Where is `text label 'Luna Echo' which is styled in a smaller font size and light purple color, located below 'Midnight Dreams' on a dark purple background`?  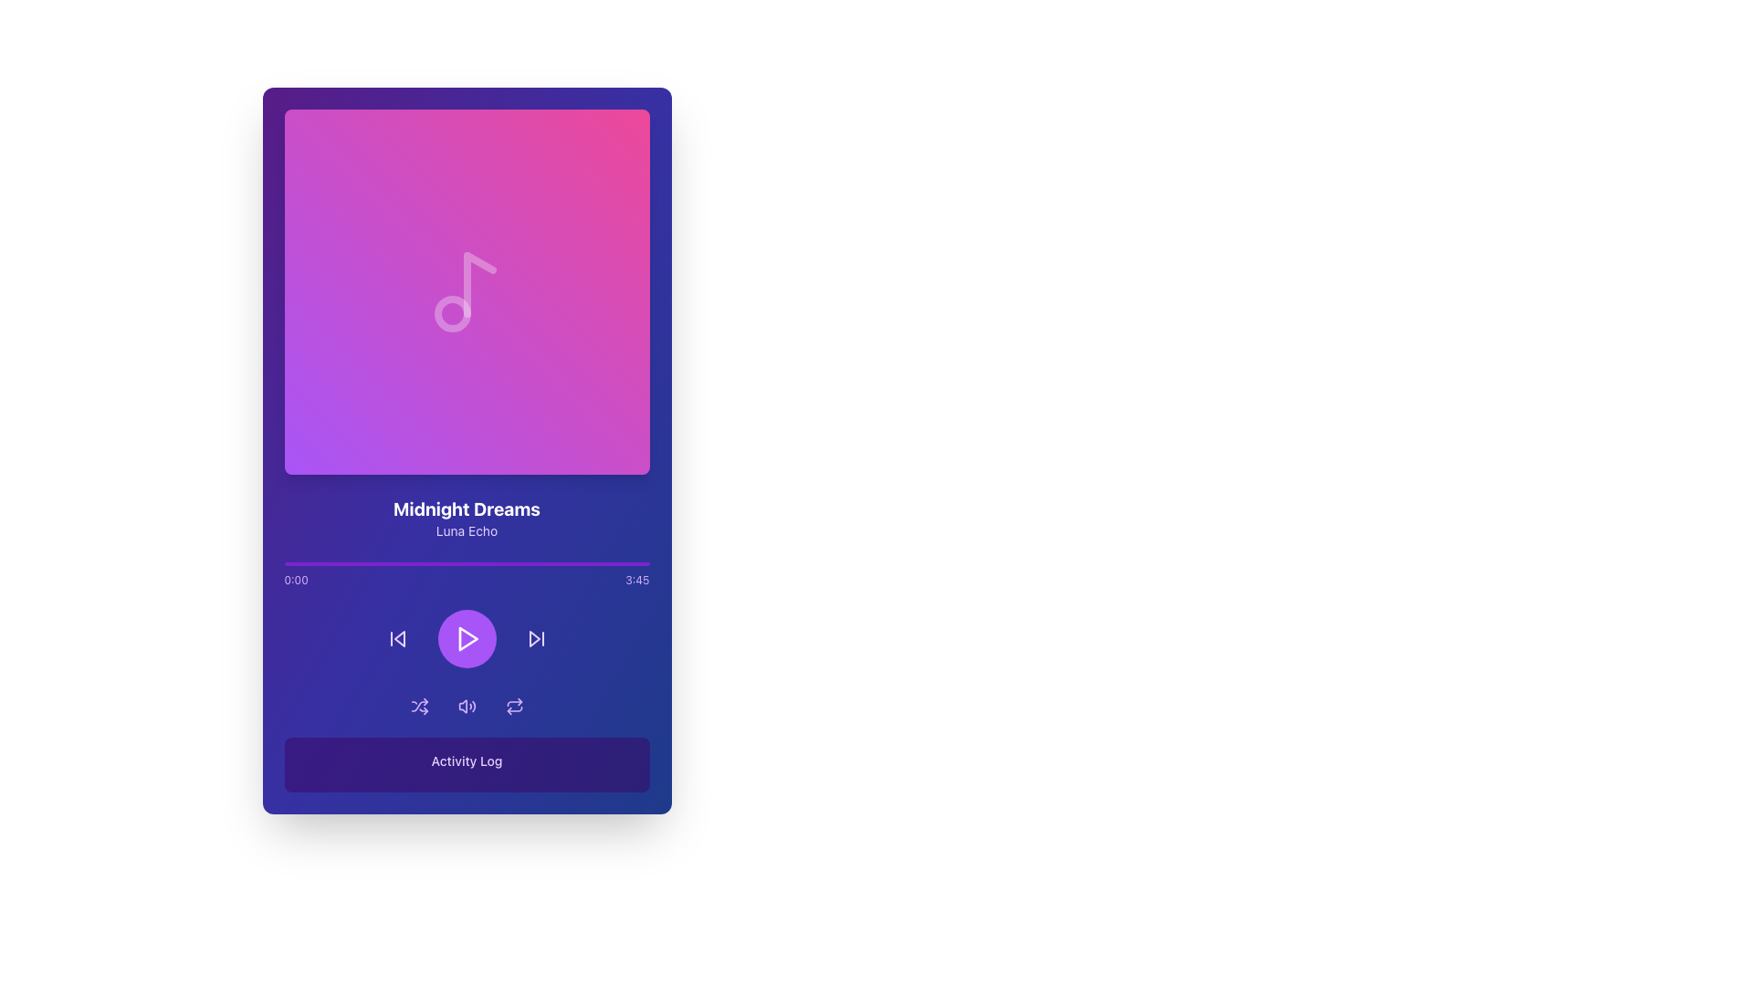 text label 'Luna Echo' which is styled in a smaller font size and light purple color, located below 'Midnight Dreams' on a dark purple background is located at coordinates (467, 531).